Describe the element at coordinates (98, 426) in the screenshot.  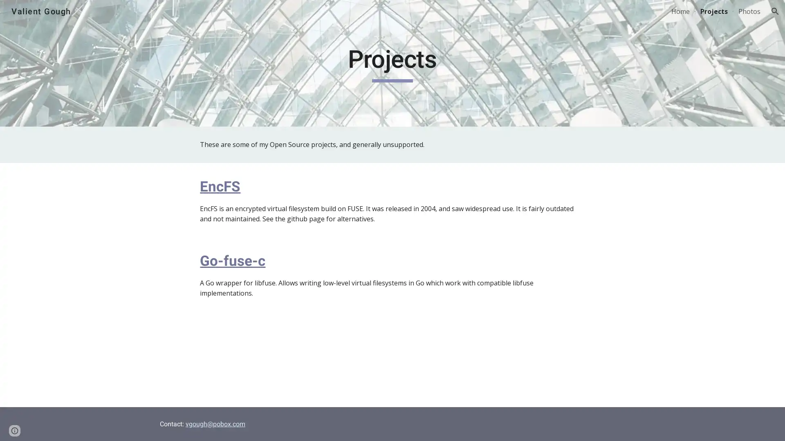
I see `Report abuse` at that location.